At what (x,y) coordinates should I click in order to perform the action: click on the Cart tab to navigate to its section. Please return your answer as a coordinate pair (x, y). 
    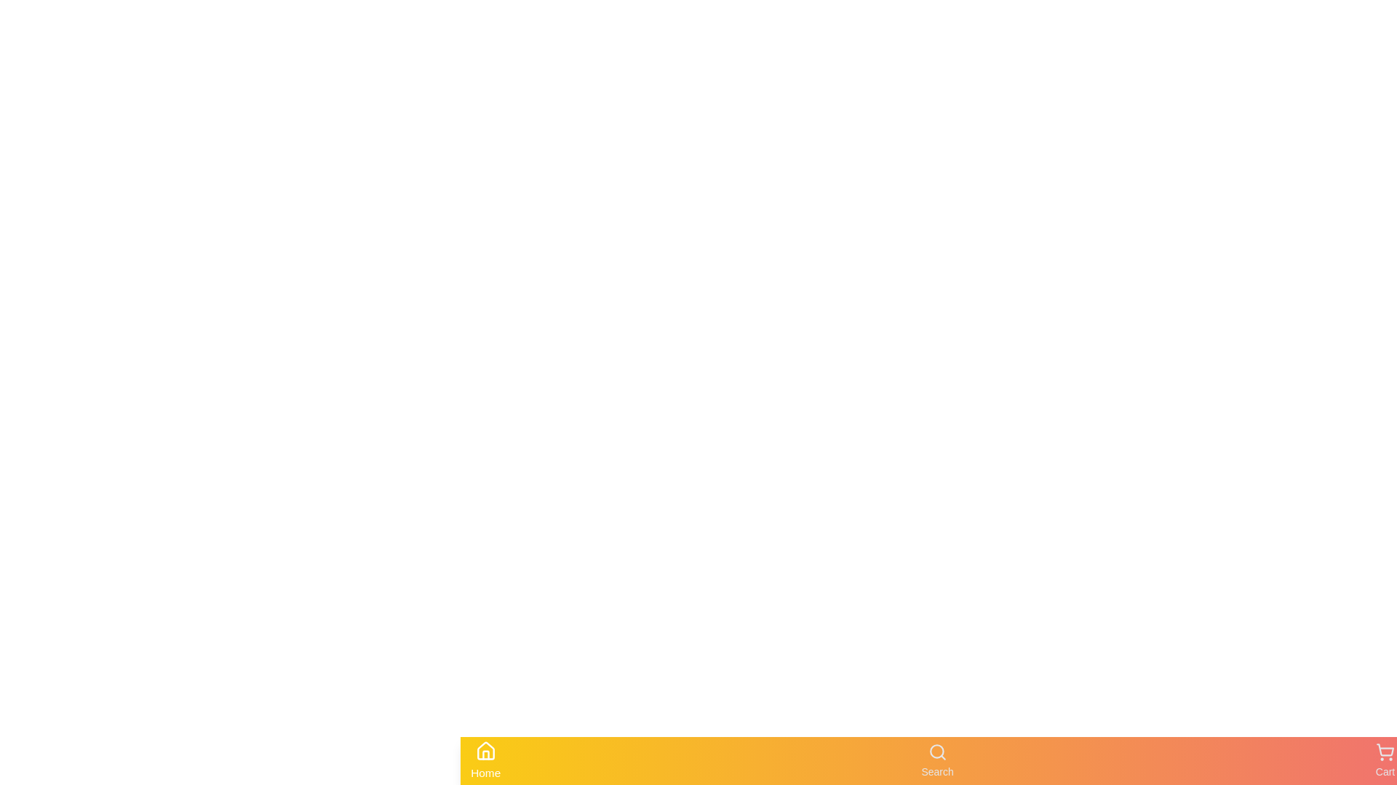
    Looking at the image, I should click on (1385, 760).